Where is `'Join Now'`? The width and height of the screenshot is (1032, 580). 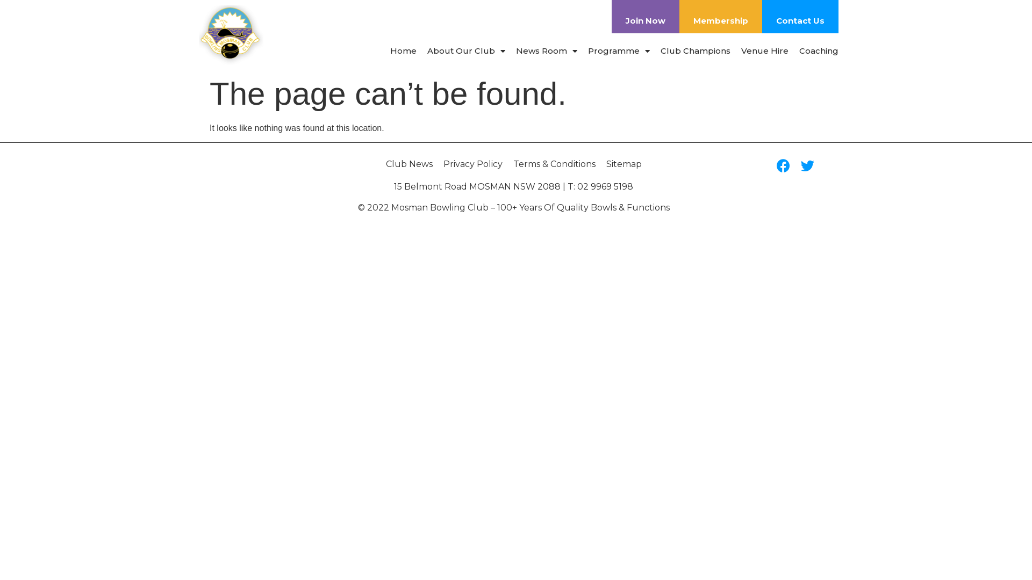 'Join Now' is located at coordinates (645, 16).